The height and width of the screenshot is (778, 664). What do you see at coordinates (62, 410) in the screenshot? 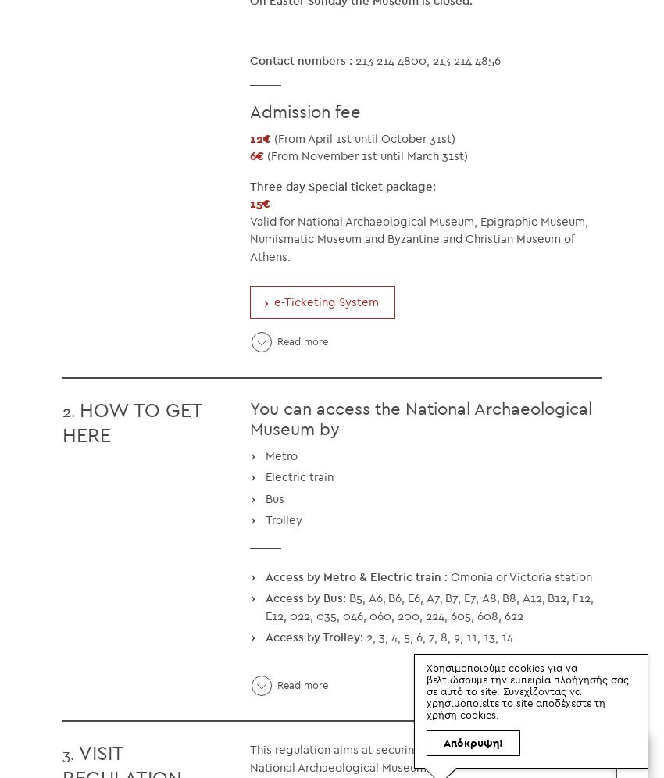
I see `'2.'` at bounding box center [62, 410].